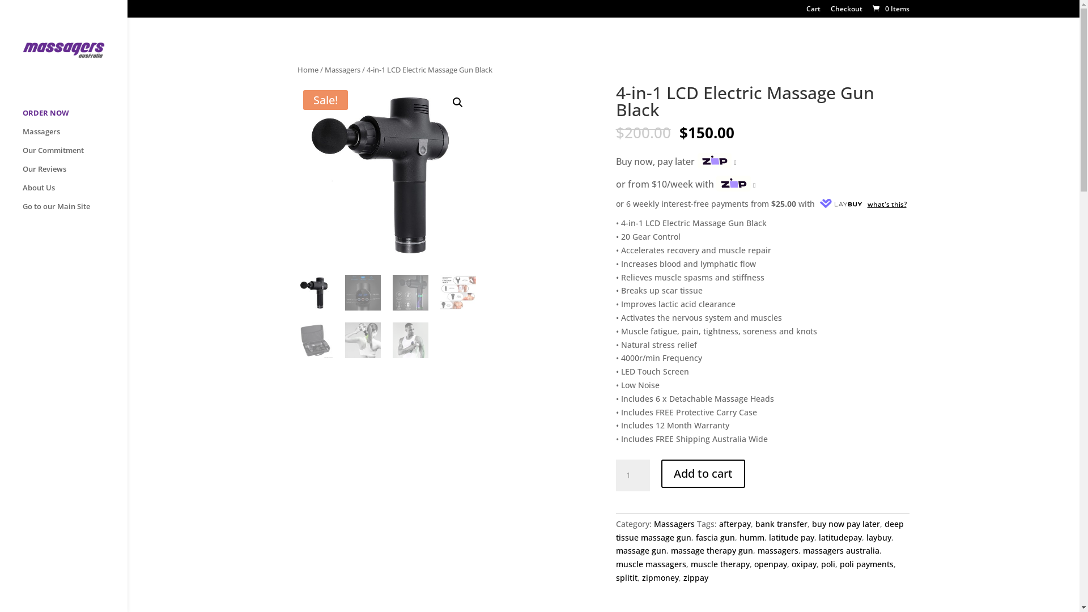 The height and width of the screenshot is (612, 1088). What do you see at coordinates (790, 537) in the screenshot?
I see `'latitude pay'` at bounding box center [790, 537].